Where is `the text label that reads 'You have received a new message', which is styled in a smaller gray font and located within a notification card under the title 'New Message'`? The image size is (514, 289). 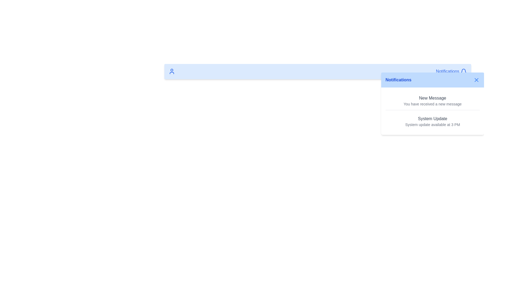
the text label that reads 'You have received a new message', which is styled in a smaller gray font and located within a notification card under the title 'New Message' is located at coordinates (433, 104).